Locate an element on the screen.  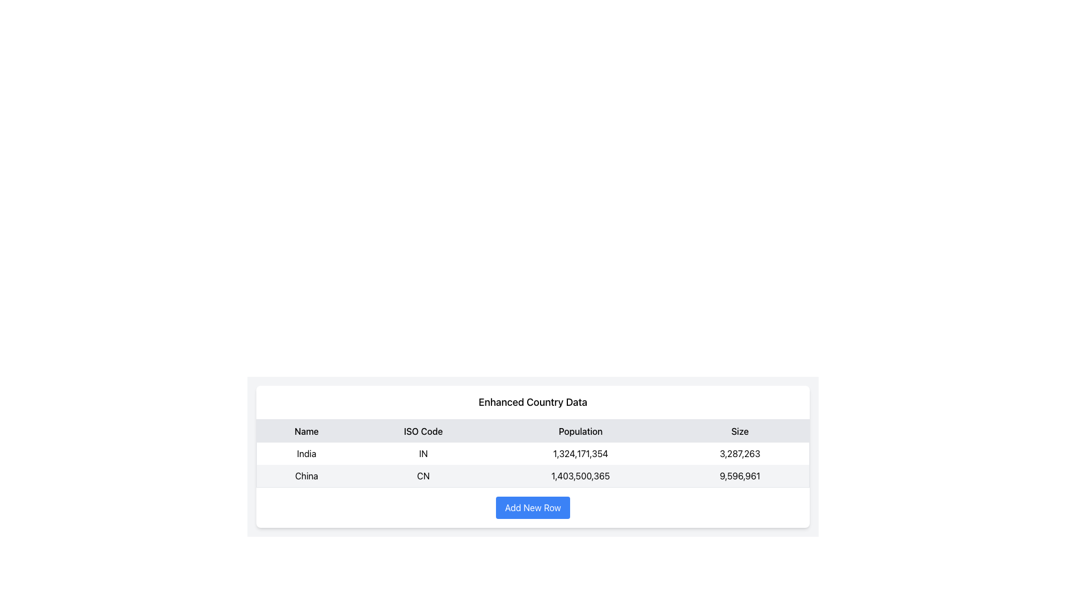
the informational text cell displaying numerical data in the second row and fourth column of the table to highlight it is located at coordinates (740, 476).